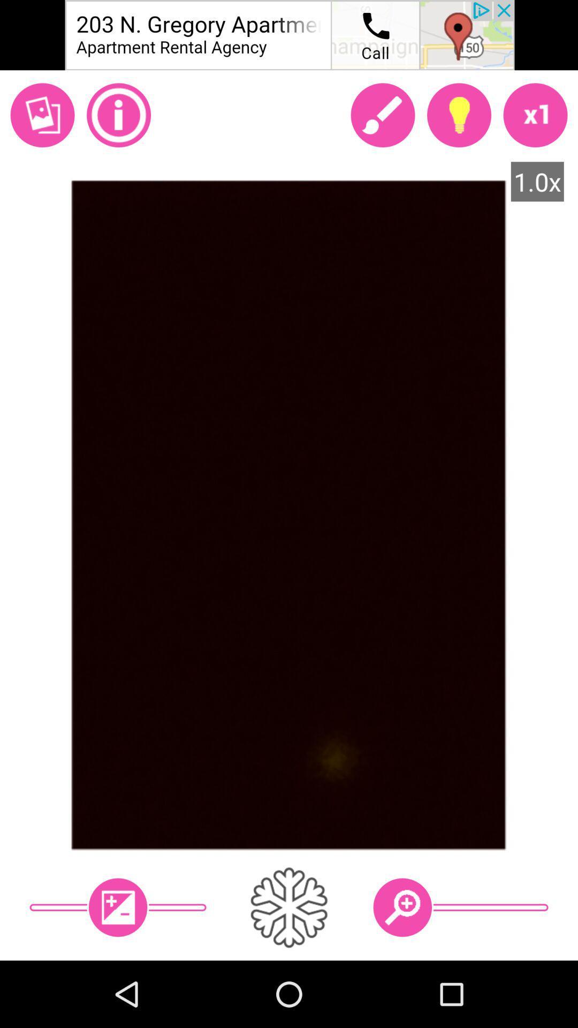  I want to click on more information button, so click(119, 115).